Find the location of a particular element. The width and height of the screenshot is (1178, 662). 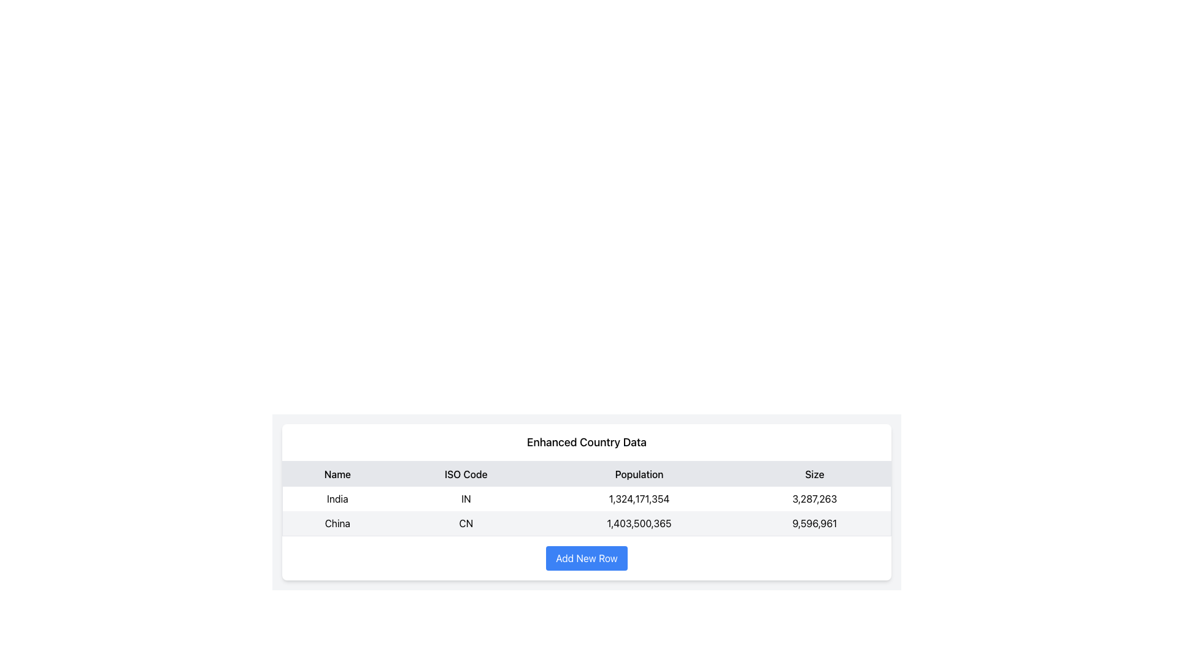

the 'Add New Row' button located at the bottom of the table titled 'Enhanced Country Data' is located at coordinates (586, 558).